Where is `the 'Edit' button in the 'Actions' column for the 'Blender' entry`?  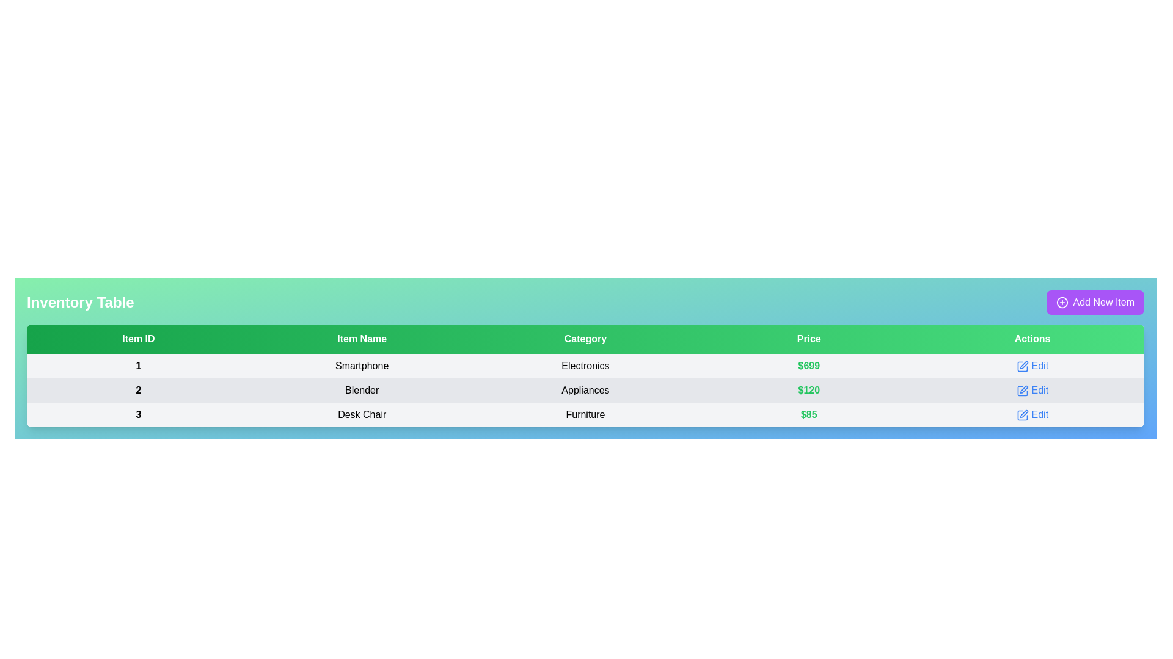 the 'Edit' button in the 'Actions' column for the 'Blender' entry is located at coordinates (1031, 391).